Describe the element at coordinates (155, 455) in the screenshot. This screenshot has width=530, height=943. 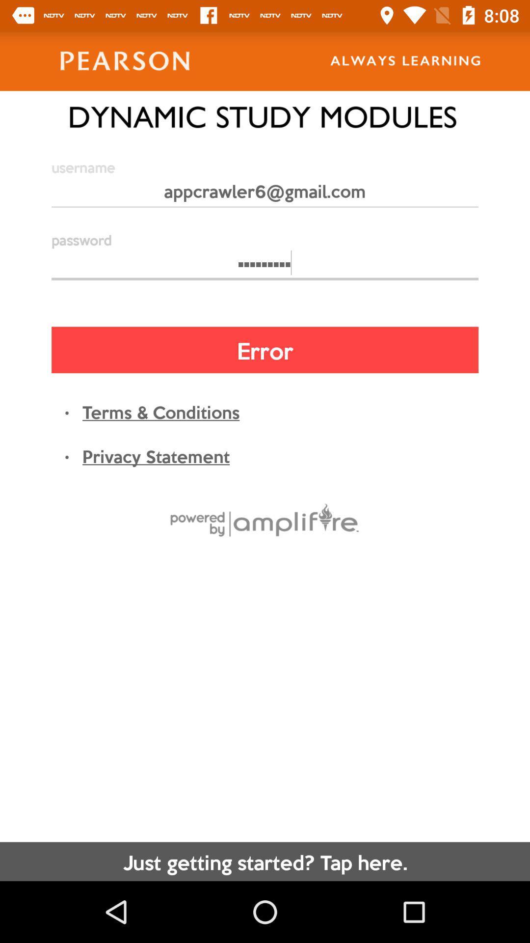
I see `the privacy statement icon` at that location.